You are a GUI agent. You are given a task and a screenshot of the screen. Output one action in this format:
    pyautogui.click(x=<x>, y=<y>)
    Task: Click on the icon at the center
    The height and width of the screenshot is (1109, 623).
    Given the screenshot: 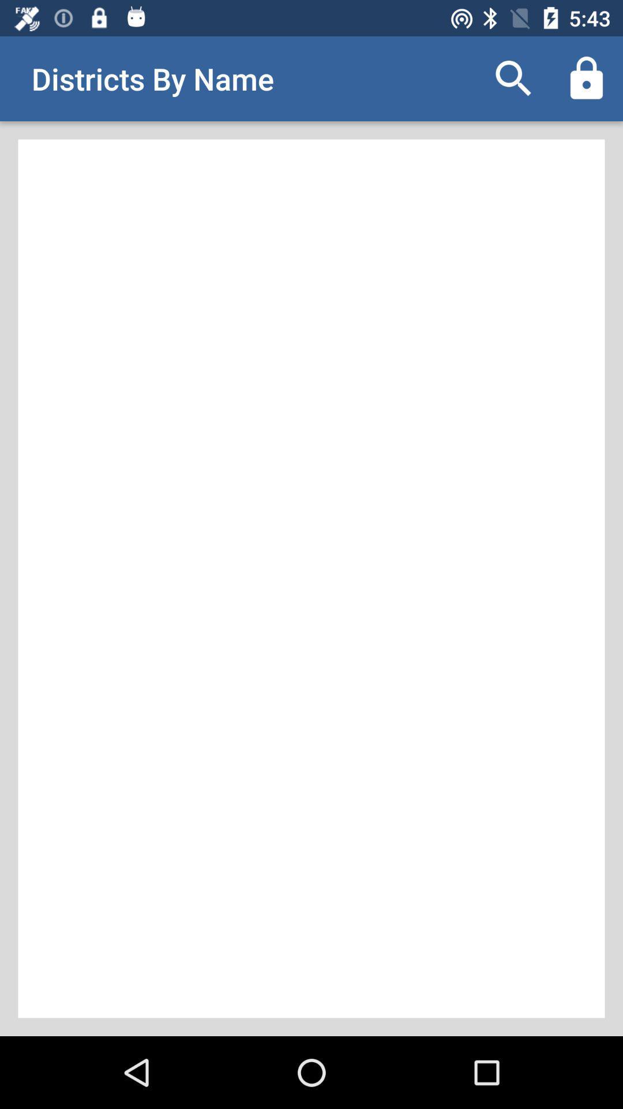 What is the action you would take?
    pyautogui.click(x=311, y=579)
    